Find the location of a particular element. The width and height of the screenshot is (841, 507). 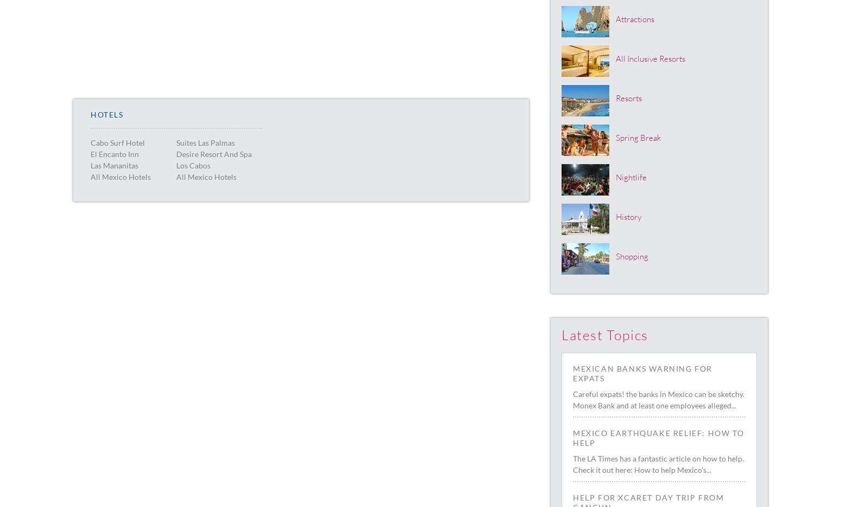

'Careful expats! the banks in Mexico can be sketchy. Monex Bank and at least one employees alleged...' is located at coordinates (658, 399).